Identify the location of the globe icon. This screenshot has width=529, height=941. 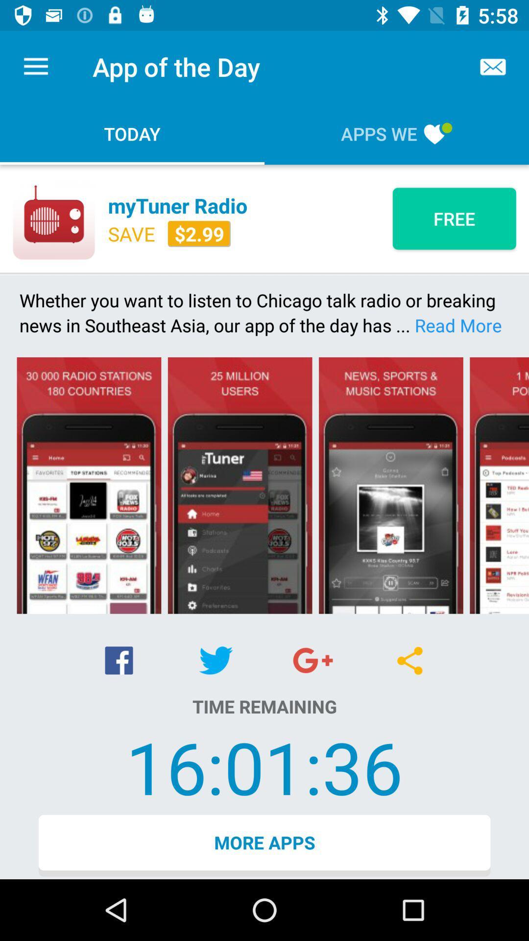
(313, 660).